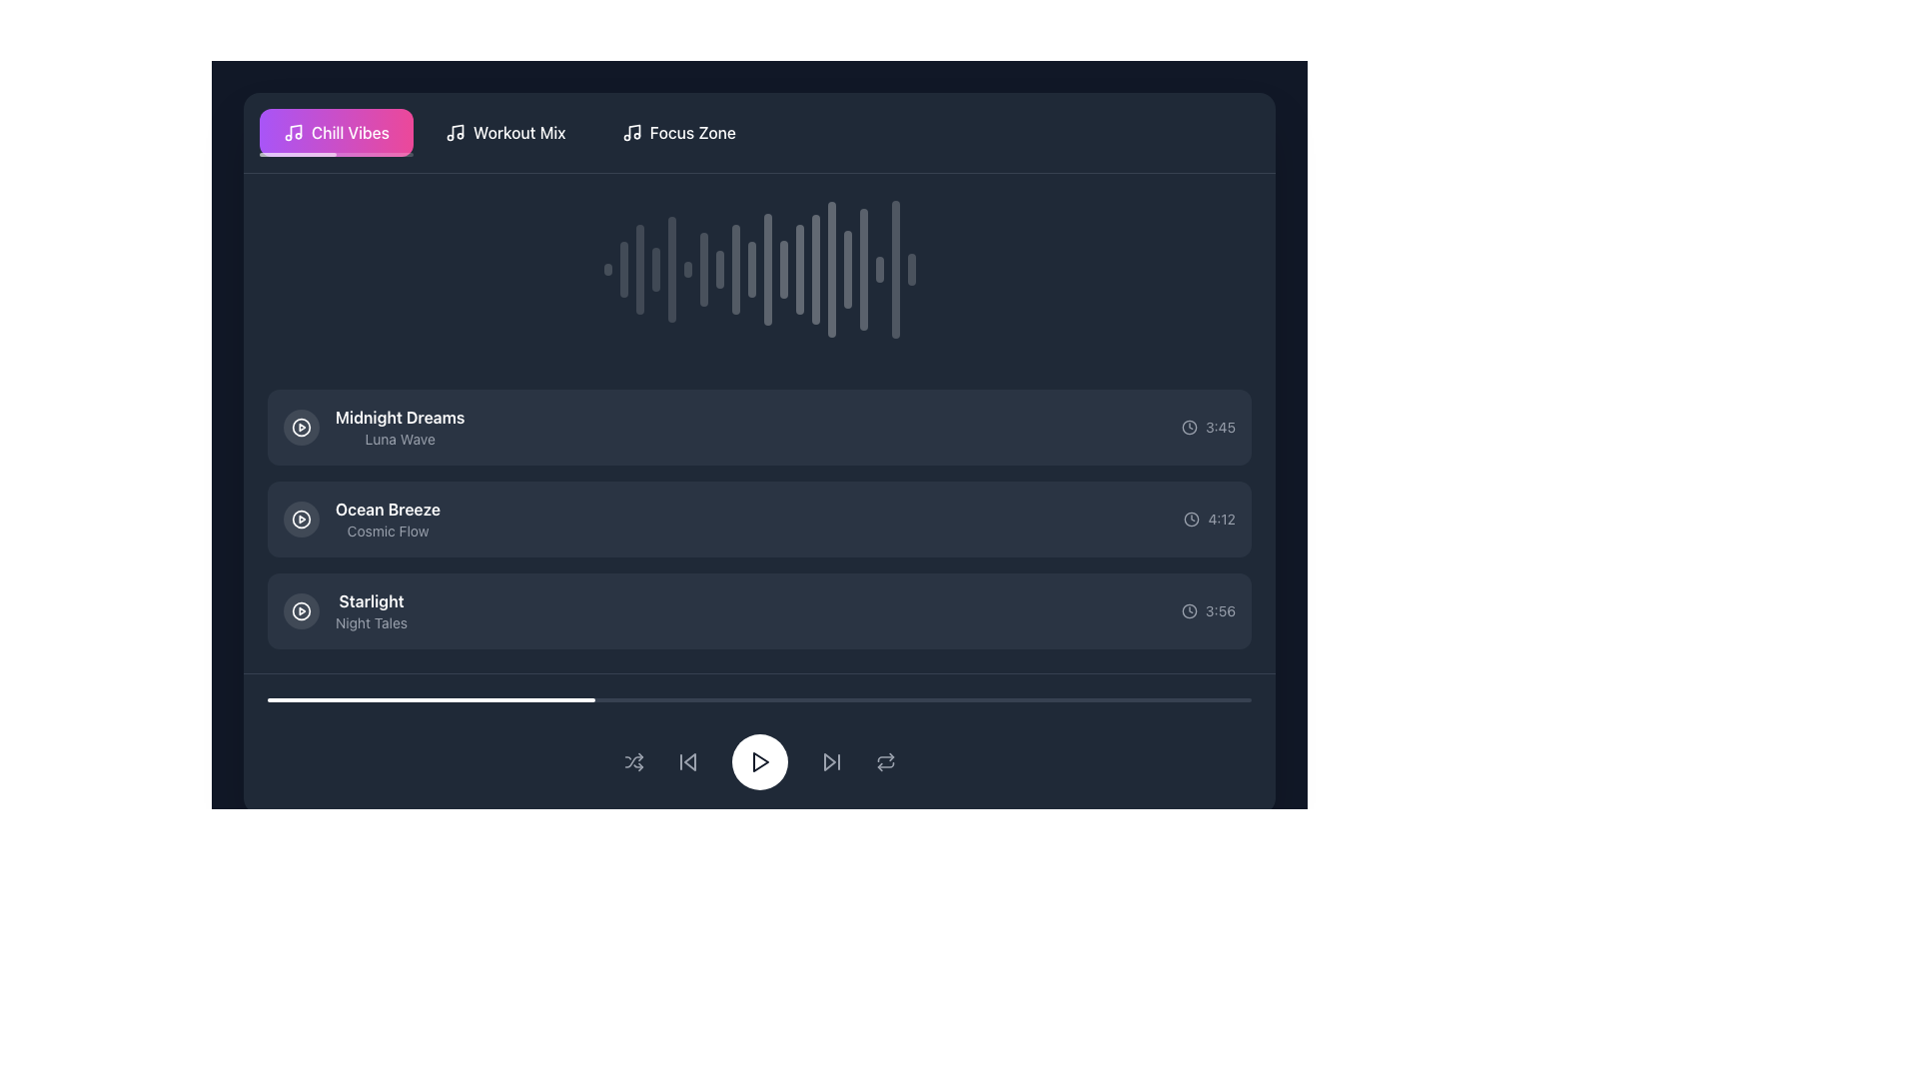  I want to click on the ninth vertical bar in the waveform visualization that has a subtle pulsating animation and a lighter coloration compared to the dark background, so click(734, 270).